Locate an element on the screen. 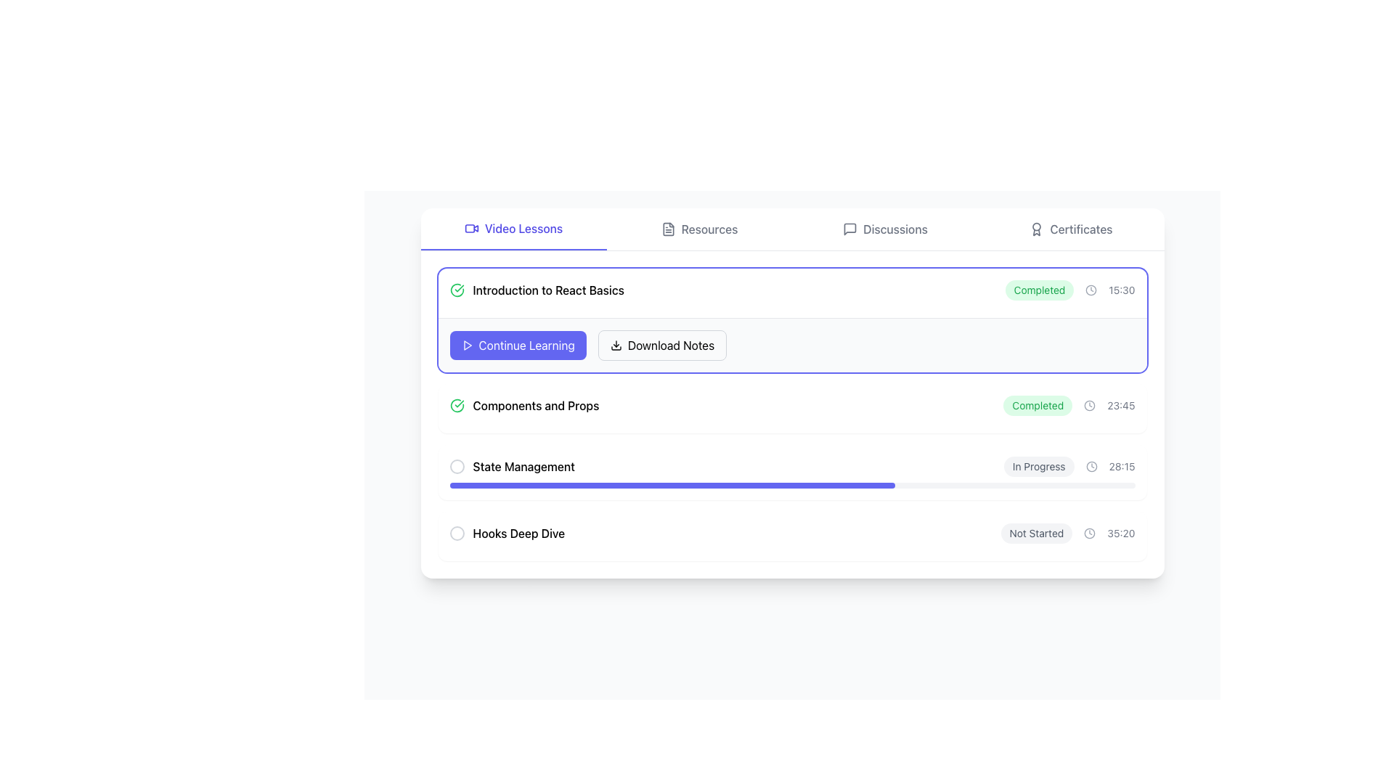 This screenshot has width=1394, height=784. the clock icon located between the text 'Completed' and the time '23:45', which is a small circular icon with a gray border and clock hands is located at coordinates (1090, 406).